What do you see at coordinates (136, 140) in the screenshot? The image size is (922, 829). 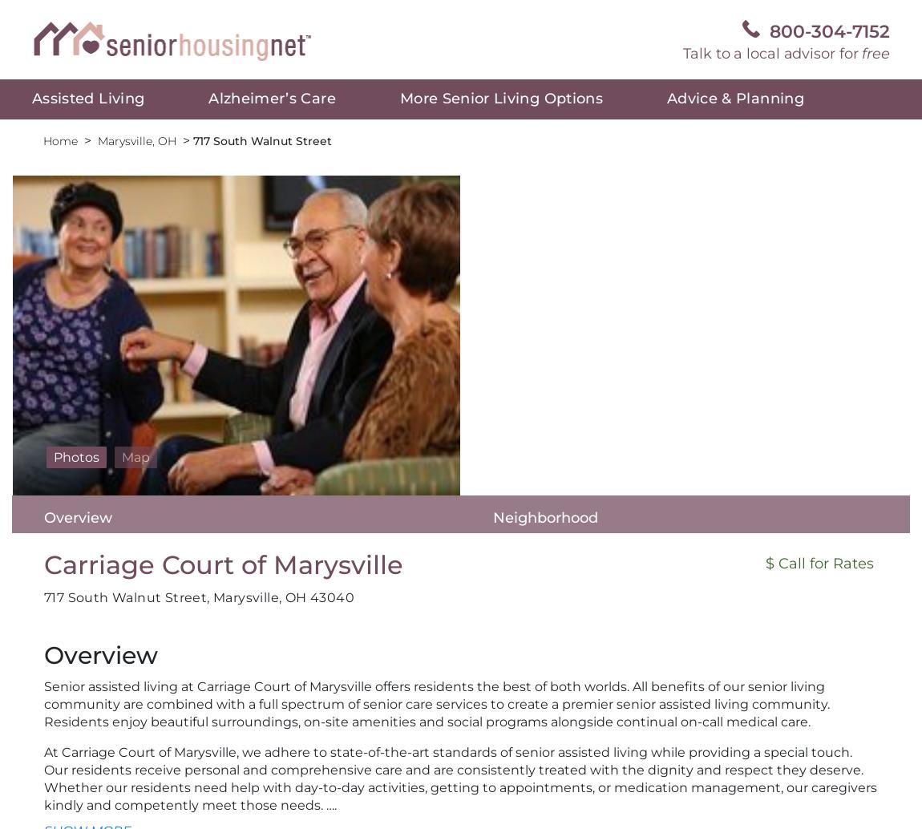 I see `'Marysville, OH'` at bounding box center [136, 140].